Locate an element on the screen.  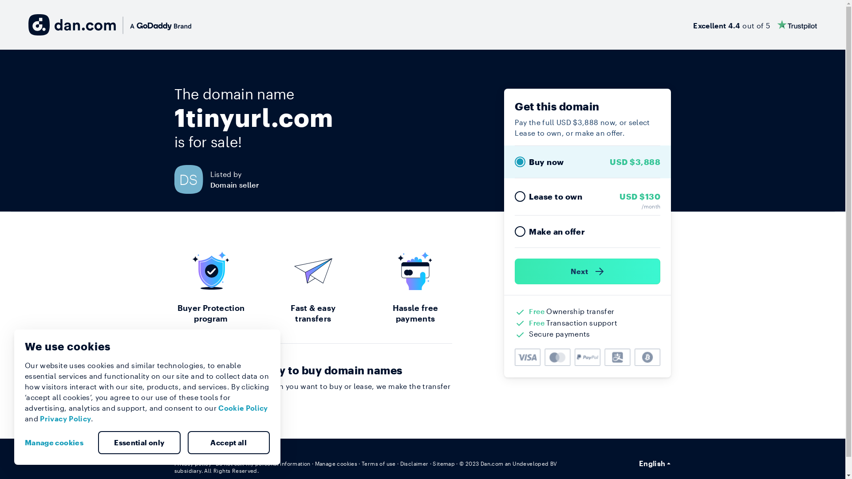
'Accept all' is located at coordinates (228, 443).